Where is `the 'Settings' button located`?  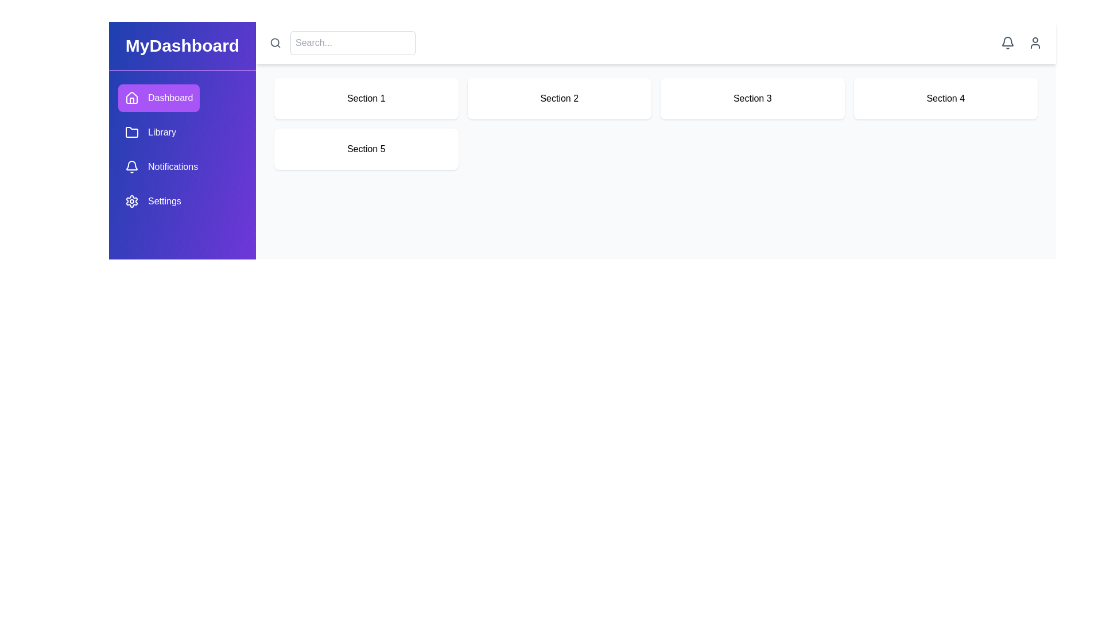
the 'Settings' button located is located at coordinates (152, 201).